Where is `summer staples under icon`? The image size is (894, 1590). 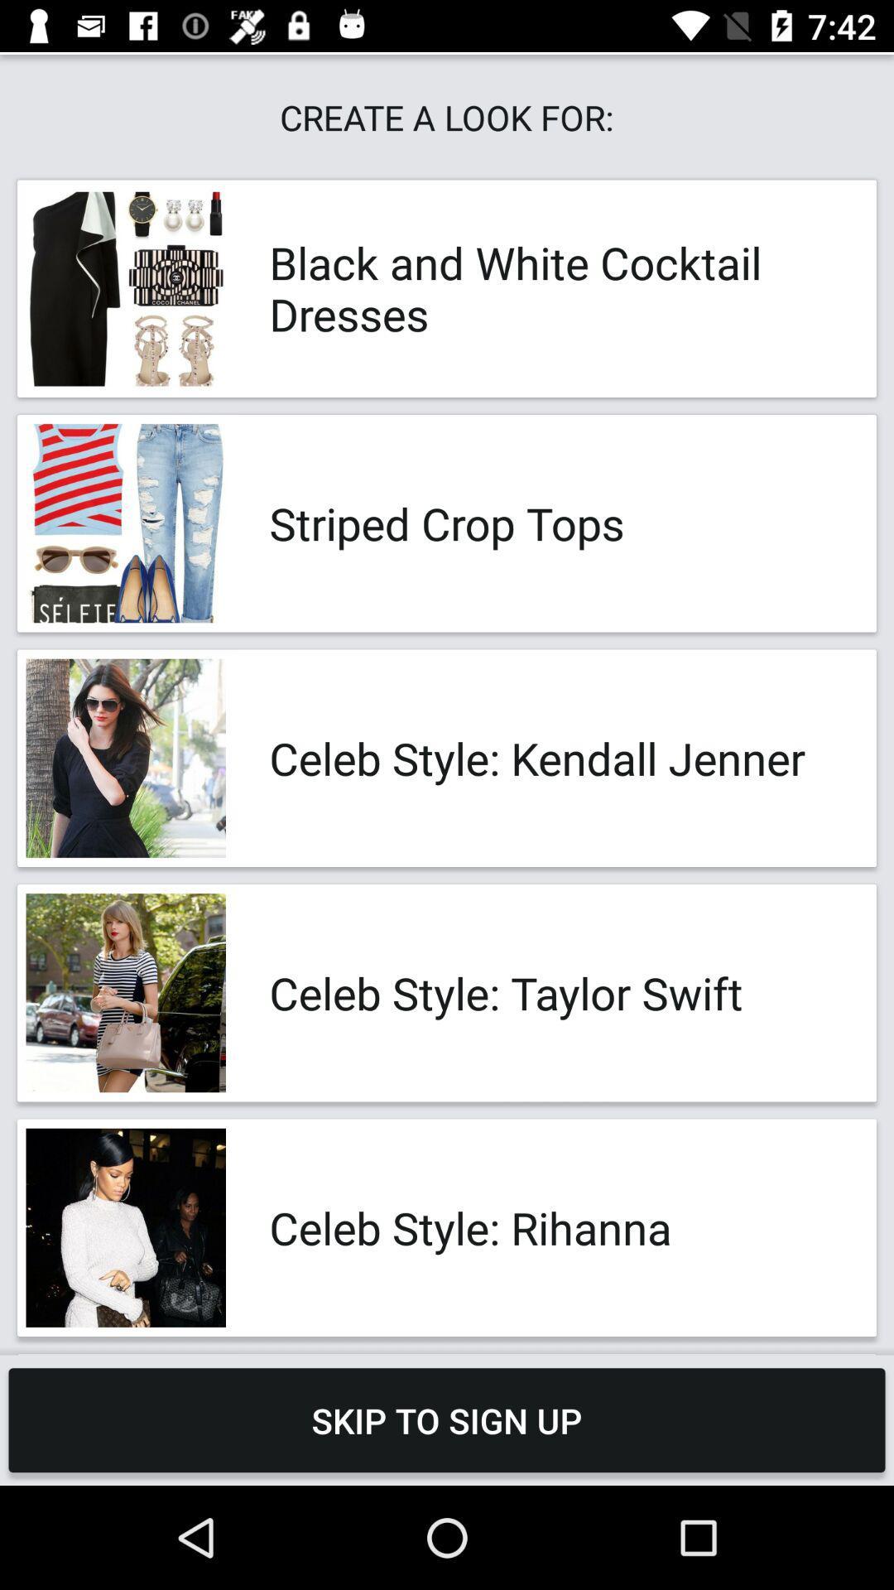 summer staples under icon is located at coordinates (555, 1354).